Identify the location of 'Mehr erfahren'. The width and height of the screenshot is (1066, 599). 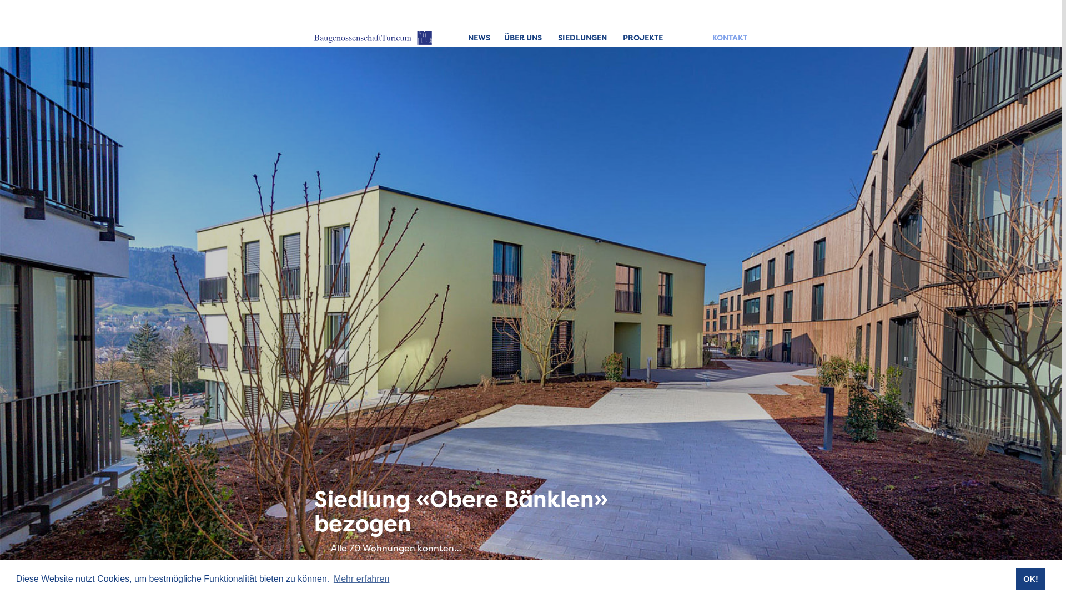
(331, 578).